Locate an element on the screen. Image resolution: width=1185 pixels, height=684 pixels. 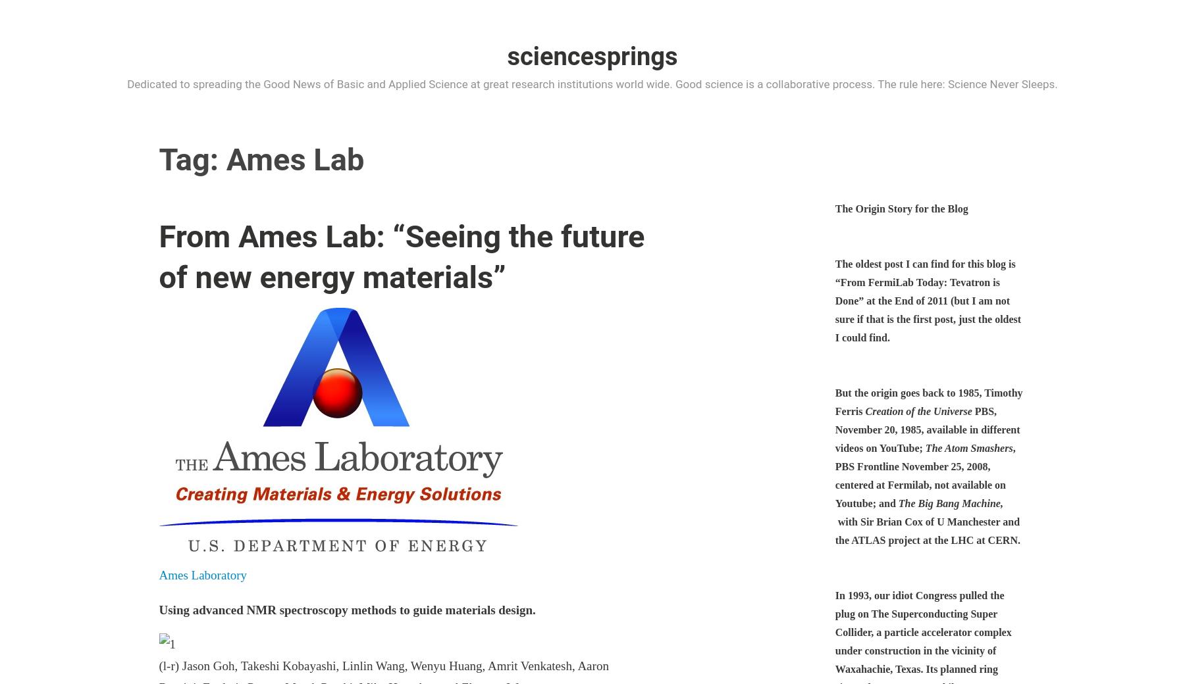
'PBS, November 20, 1985, available in different videos on YouTube;' is located at coordinates (926, 429).